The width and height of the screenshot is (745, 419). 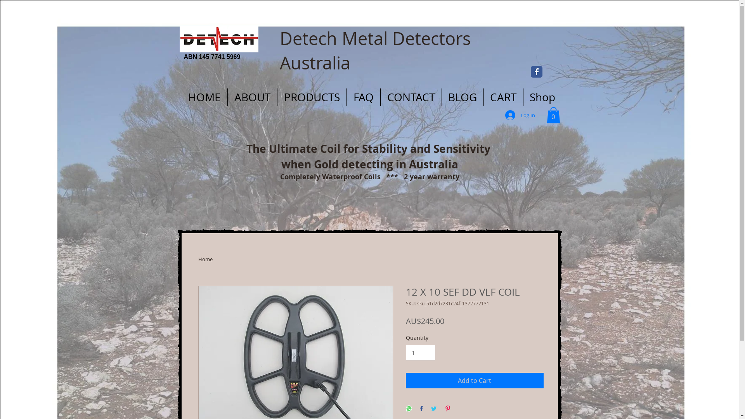 What do you see at coordinates (252, 97) in the screenshot?
I see `'ABOUT'` at bounding box center [252, 97].